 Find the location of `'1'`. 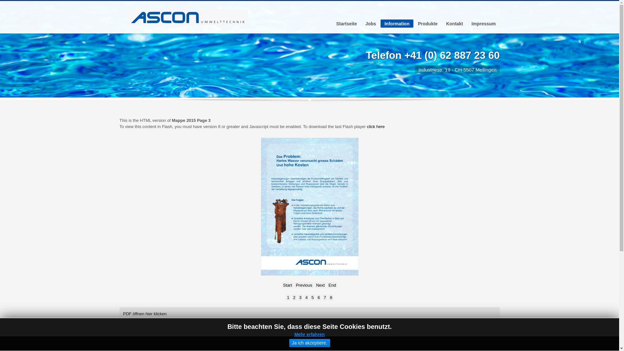

'1' is located at coordinates (288, 297).